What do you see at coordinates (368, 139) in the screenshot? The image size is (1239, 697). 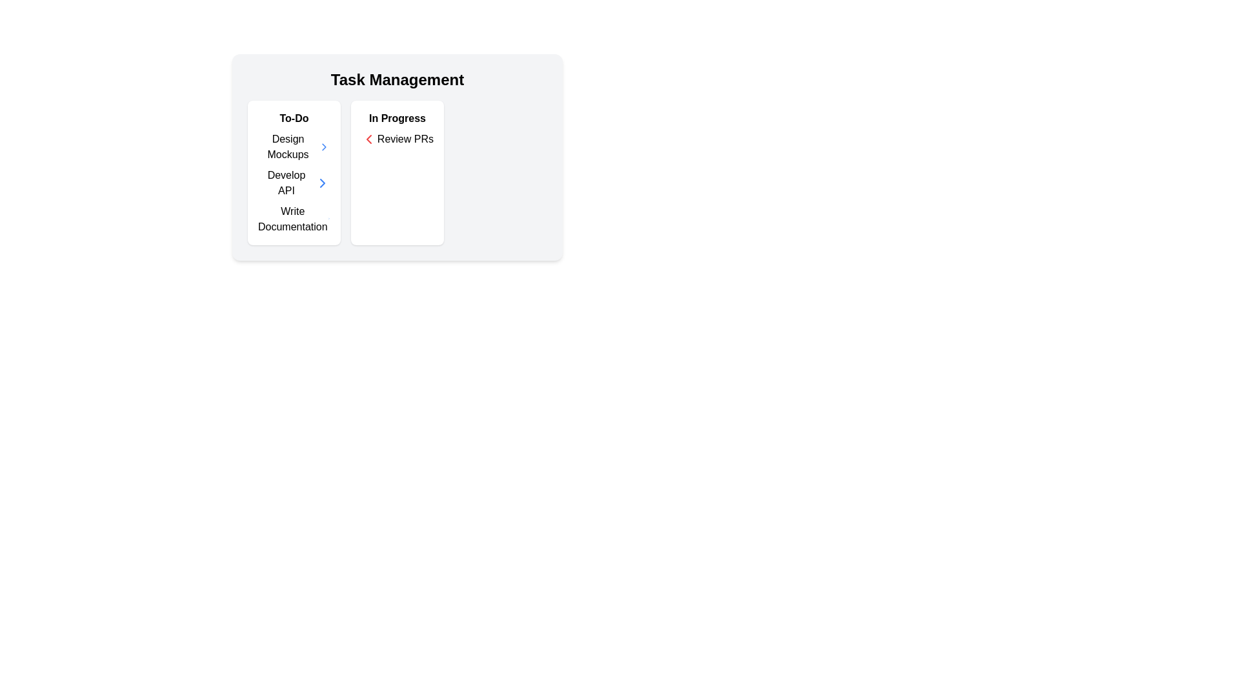 I see `the leftward-pointing chevron icon styled in red, located at the leftmost position of the 'Review PRs' row header under the 'In Progress' category` at bounding box center [368, 139].